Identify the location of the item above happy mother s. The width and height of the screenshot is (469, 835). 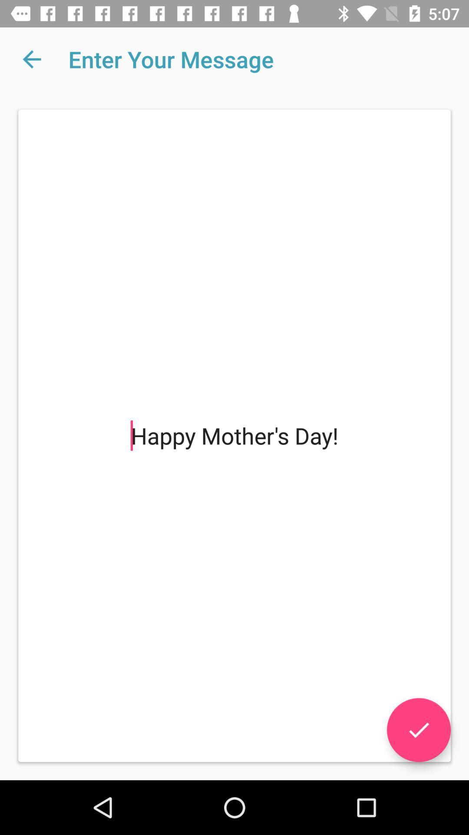
(31, 59).